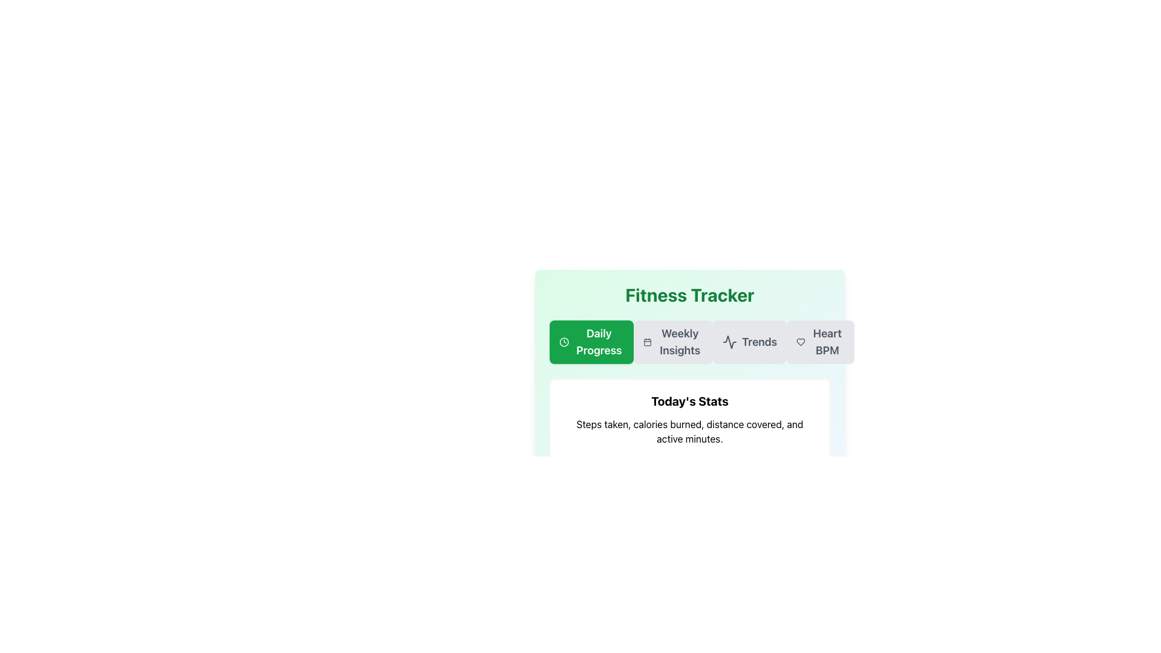 Image resolution: width=1161 pixels, height=653 pixels. What do you see at coordinates (729, 342) in the screenshot?
I see `the Trends icon located in the navigation menu, which is the third icon from the left between the Weekly Insights and Heart BPM icons` at bounding box center [729, 342].